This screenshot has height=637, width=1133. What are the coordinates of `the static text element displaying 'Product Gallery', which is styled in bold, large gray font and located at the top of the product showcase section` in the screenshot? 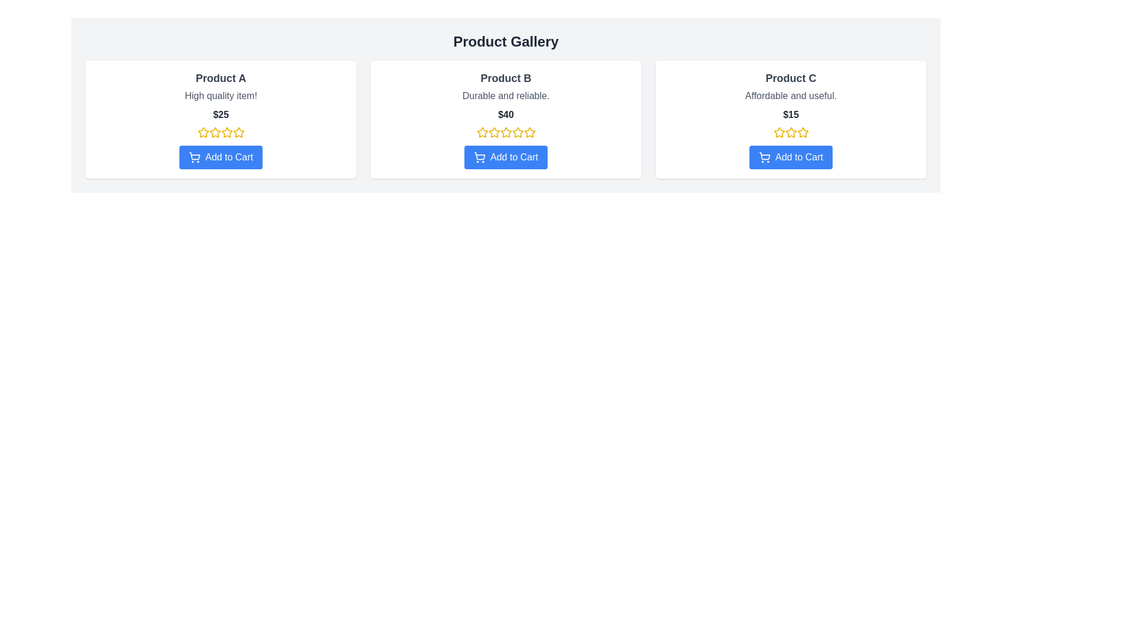 It's located at (506, 41).